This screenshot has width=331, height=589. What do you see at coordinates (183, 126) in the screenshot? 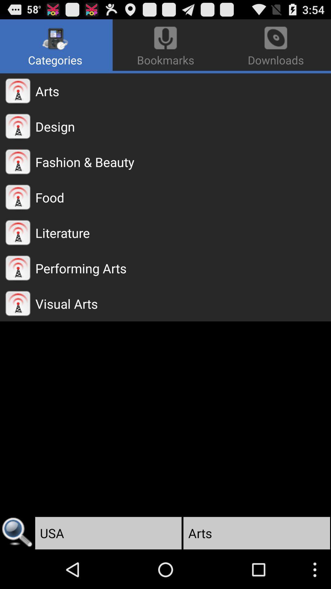
I see `the design item` at bounding box center [183, 126].